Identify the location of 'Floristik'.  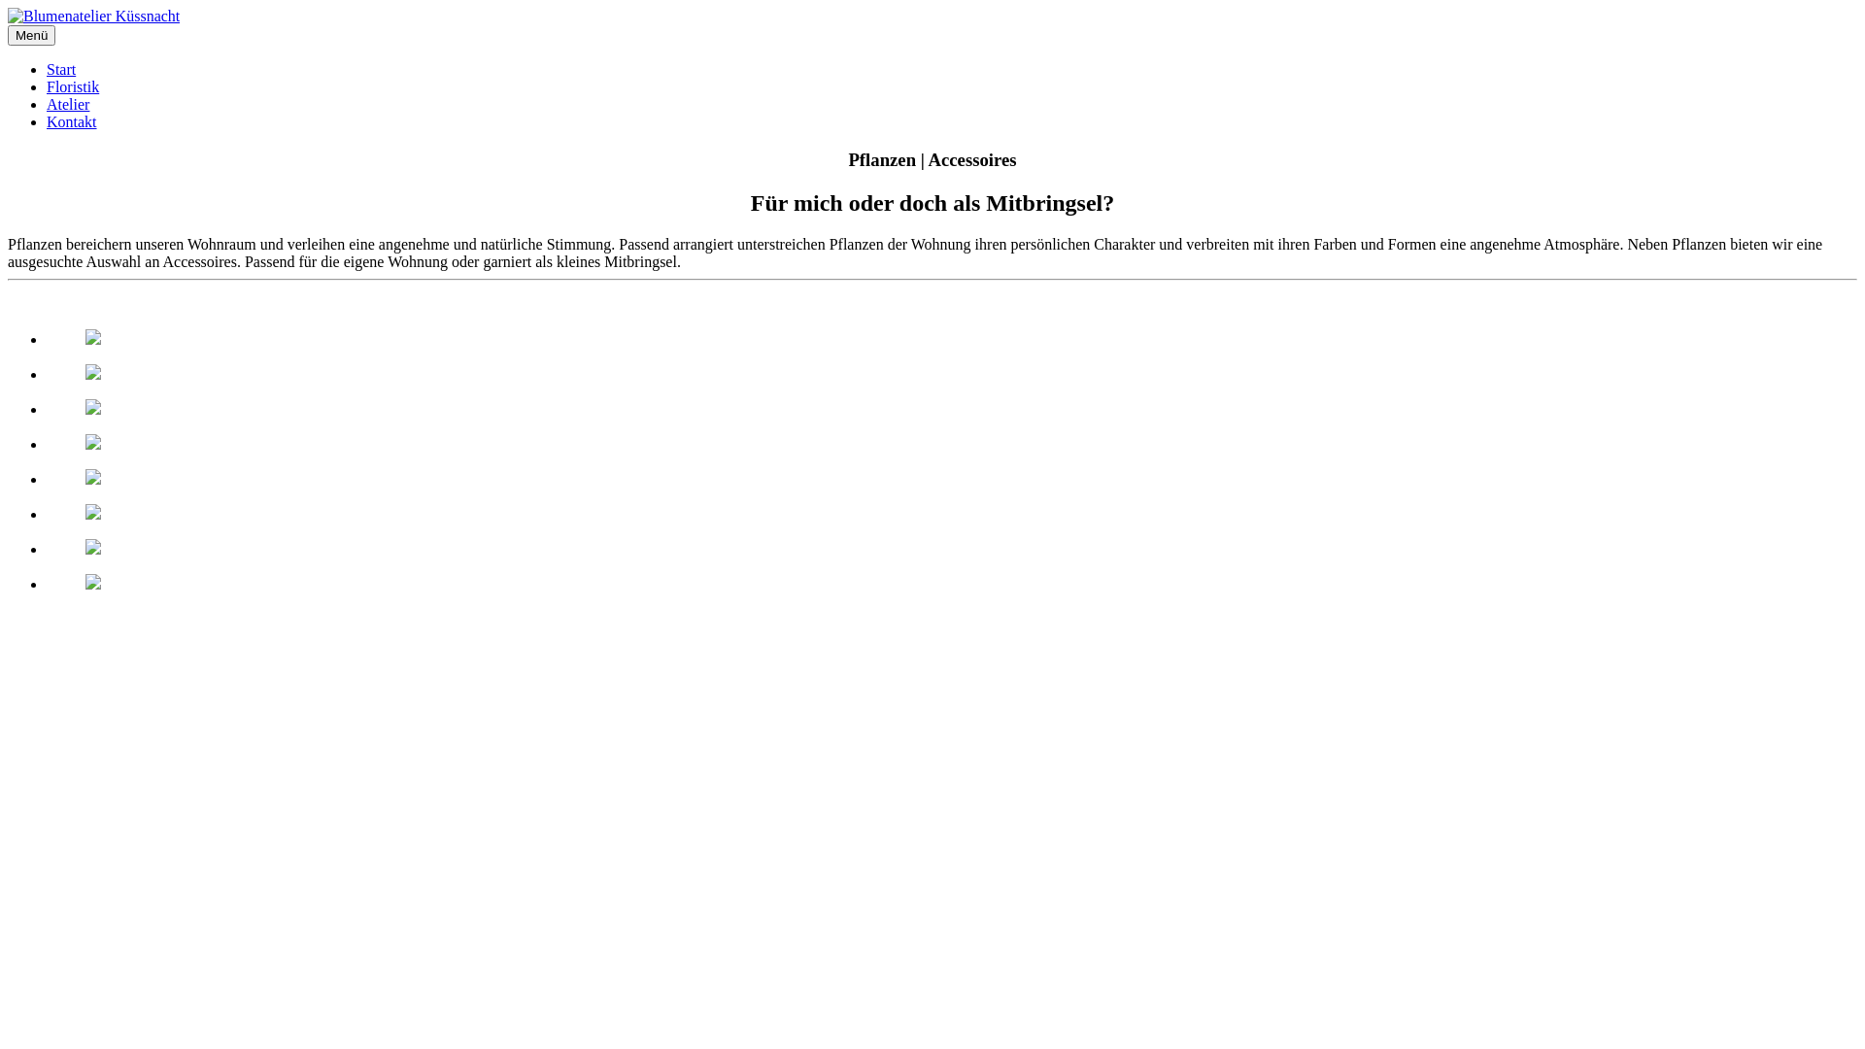
(73, 85).